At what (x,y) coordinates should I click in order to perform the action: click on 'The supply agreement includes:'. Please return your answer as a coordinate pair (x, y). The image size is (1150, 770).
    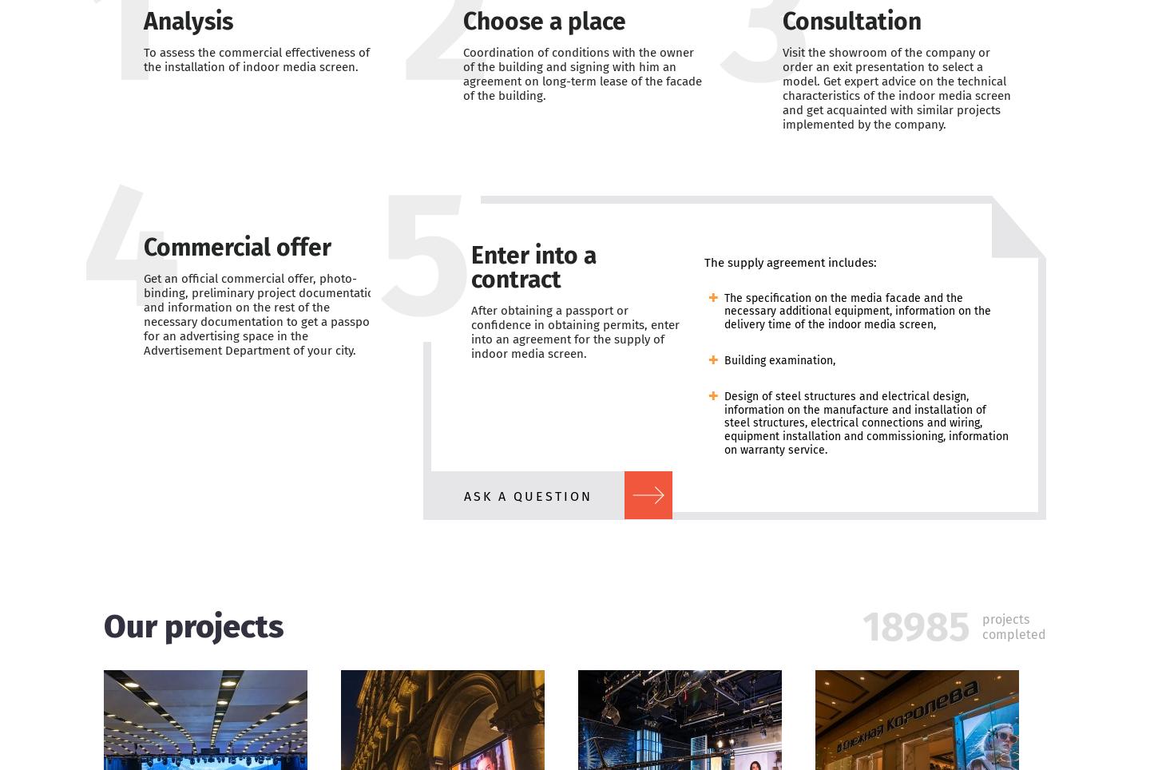
    Looking at the image, I should click on (788, 260).